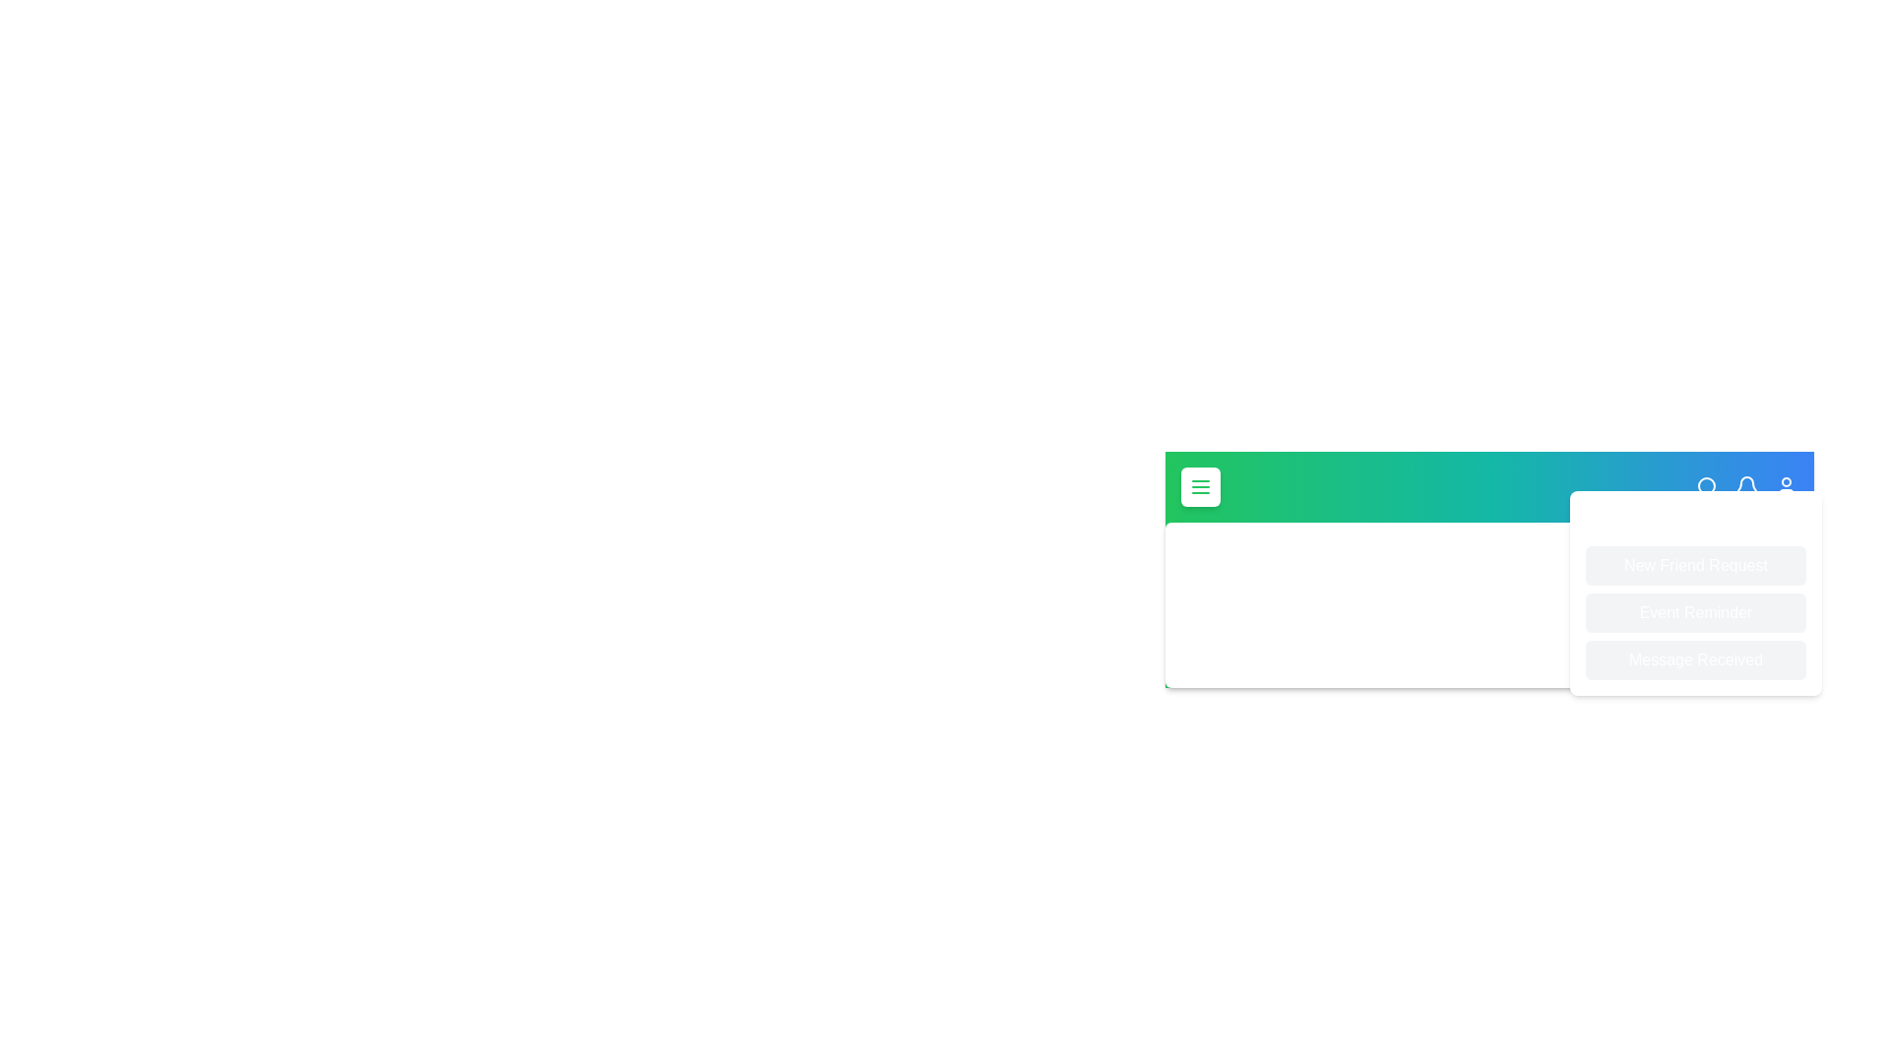 Image resolution: width=1890 pixels, height=1063 pixels. Describe the element at coordinates (1706, 486) in the screenshot. I see `the search icon to initiate a search action` at that location.